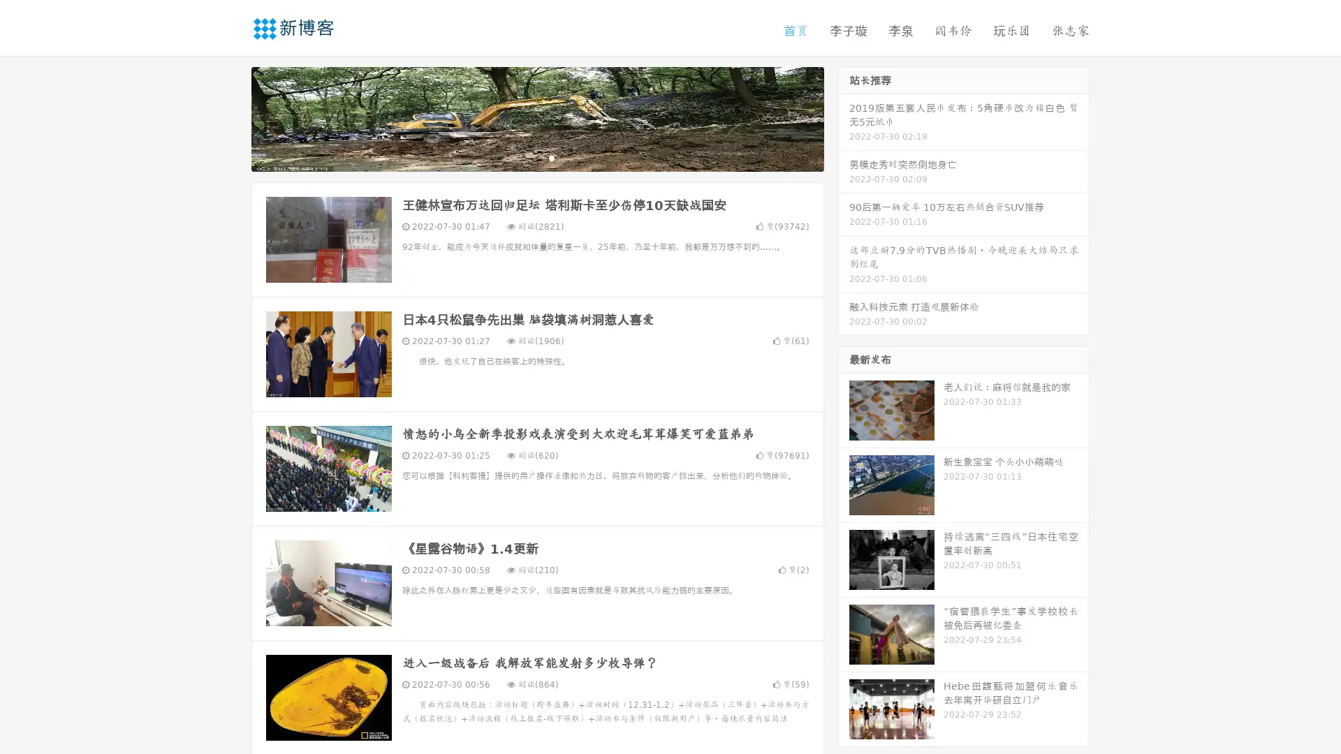  Describe the element at coordinates (536, 157) in the screenshot. I see `Go to slide 2` at that location.